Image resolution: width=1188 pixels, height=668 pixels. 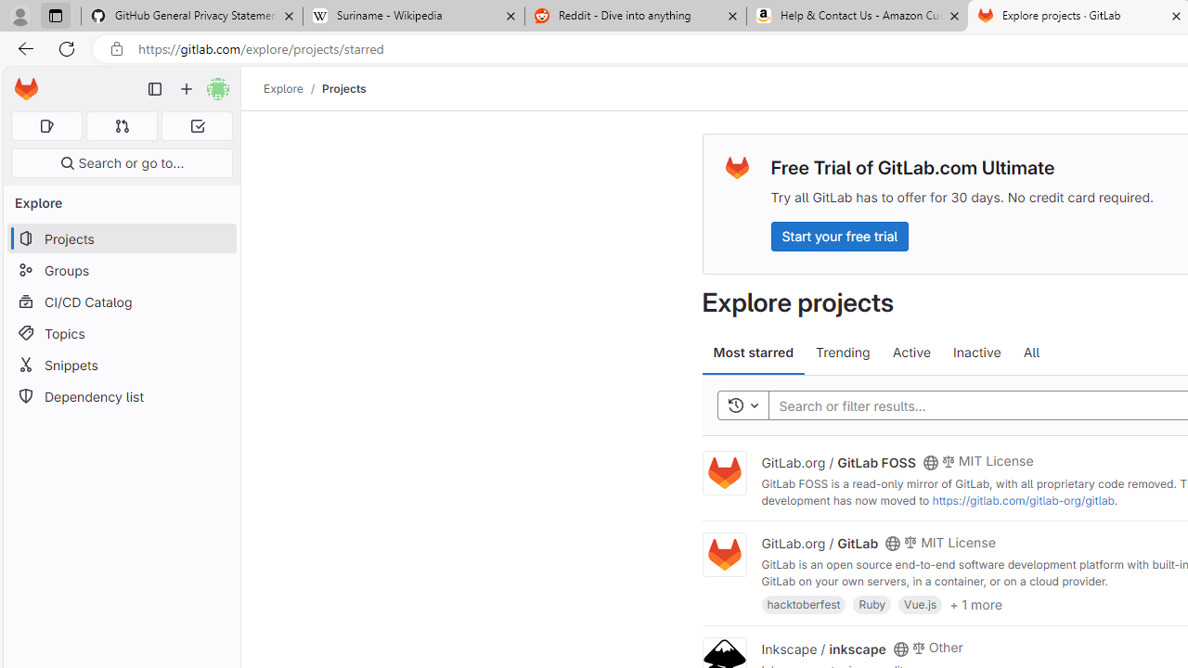 What do you see at coordinates (911, 353) in the screenshot?
I see `'Active'` at bounding box center [911, 353].